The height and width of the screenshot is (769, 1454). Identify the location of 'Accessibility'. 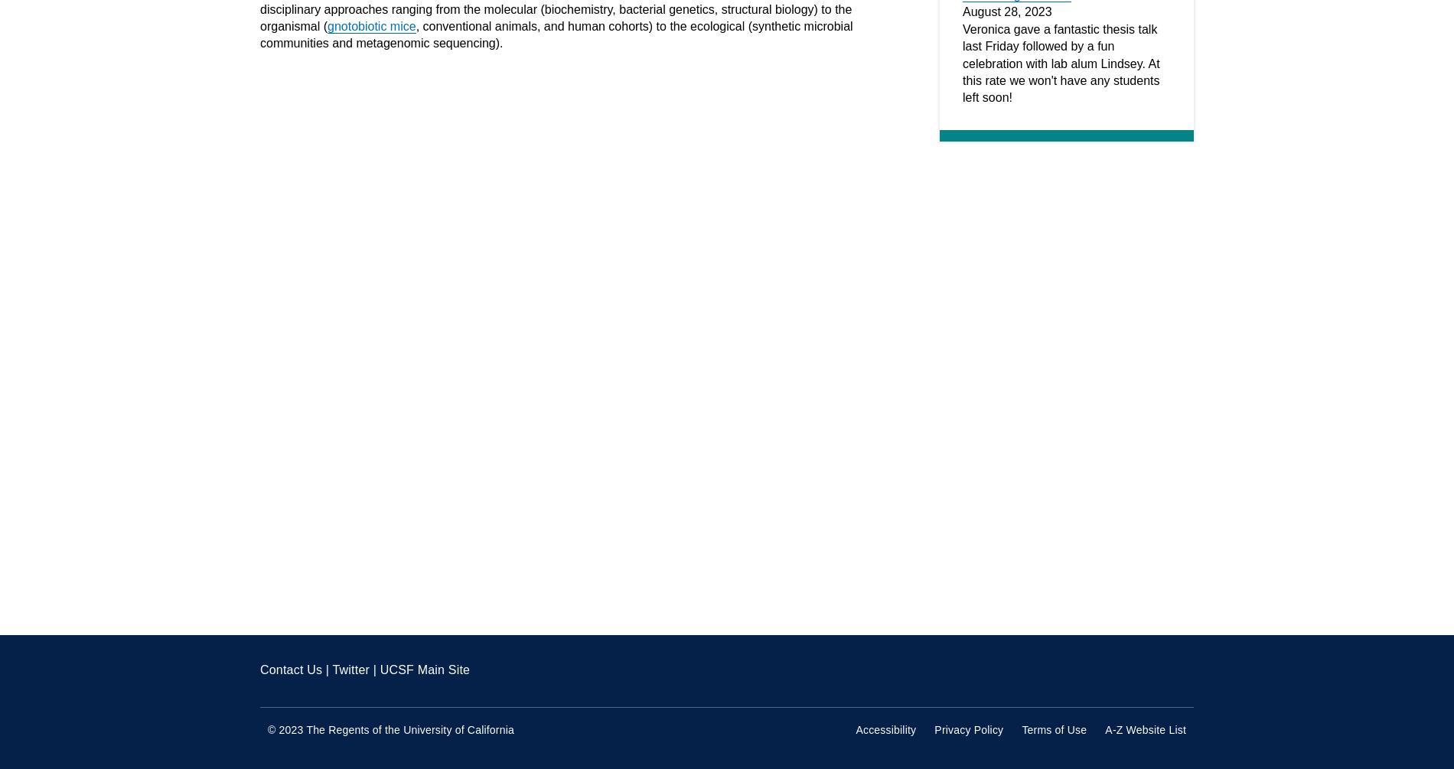
(885, 729).